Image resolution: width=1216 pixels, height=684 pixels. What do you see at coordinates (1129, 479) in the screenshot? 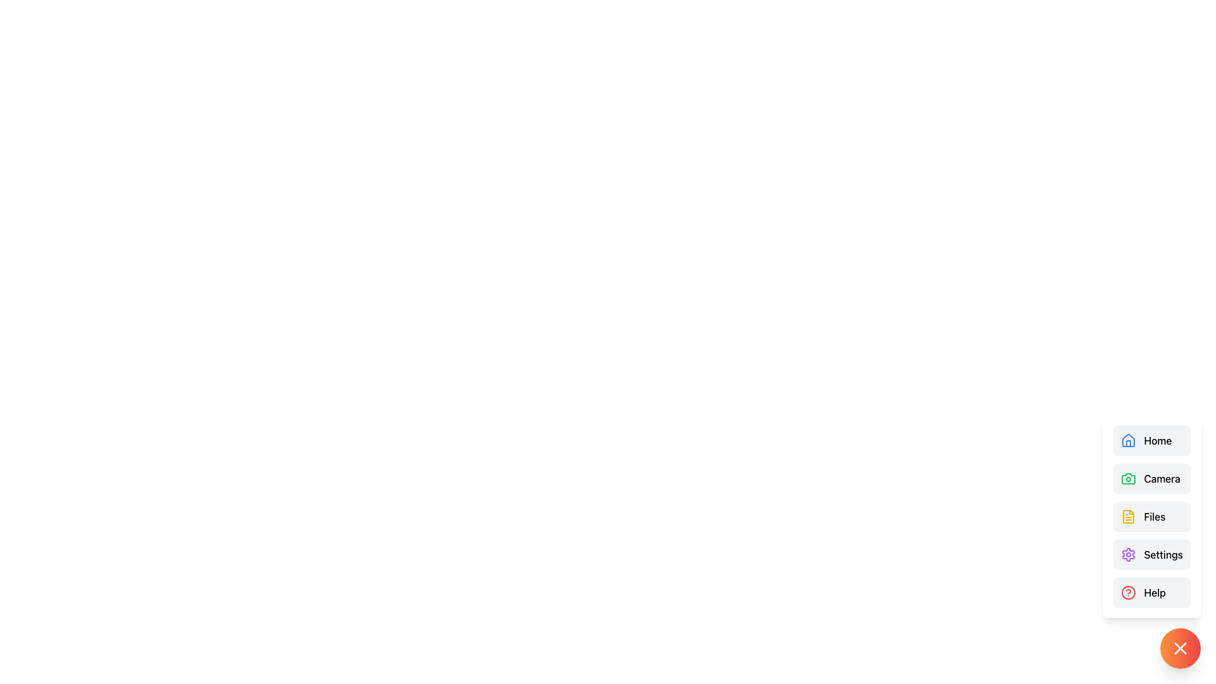
I see `the active camera icon located in the vertical menu on the right side of the interface, which is styled with green strokes and positioned second from the top` at bounding box center [1129, 479].